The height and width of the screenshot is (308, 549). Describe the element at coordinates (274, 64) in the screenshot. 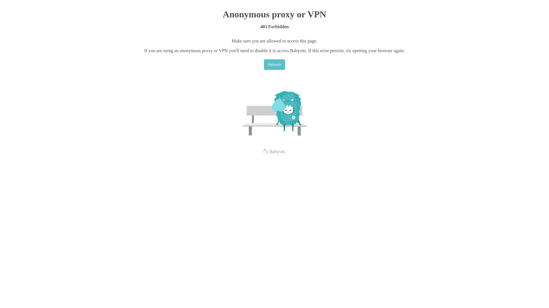

I see `'Refresh'` at that location.